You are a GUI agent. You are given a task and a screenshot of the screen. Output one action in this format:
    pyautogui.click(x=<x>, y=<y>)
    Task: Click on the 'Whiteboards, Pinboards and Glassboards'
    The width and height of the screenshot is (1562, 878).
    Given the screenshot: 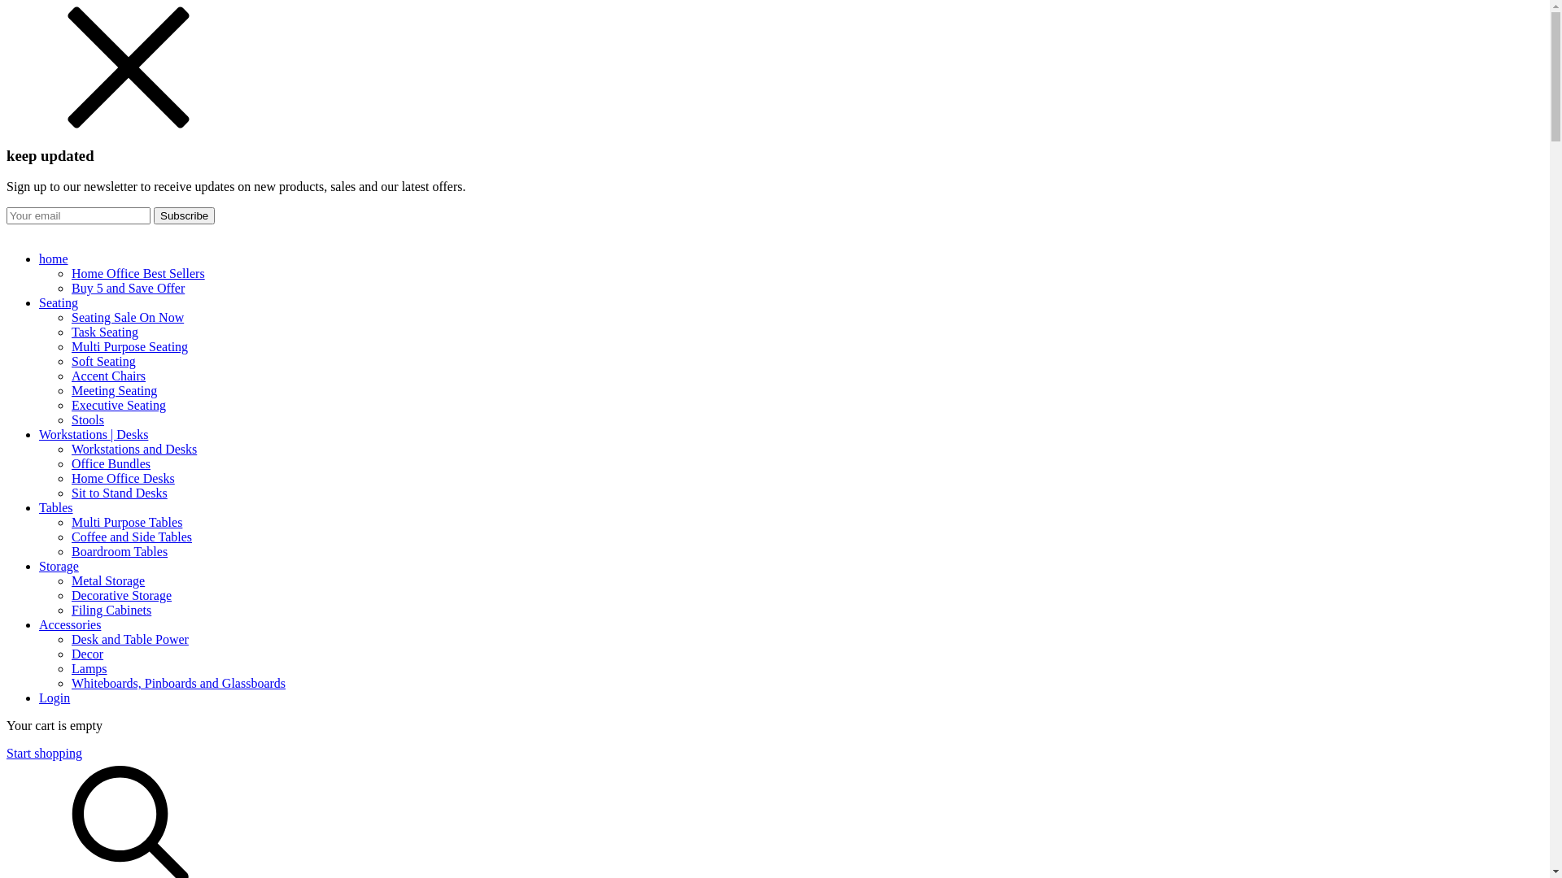 What is the action you would take?
    pyautogui.click(x=70, y=683)
    